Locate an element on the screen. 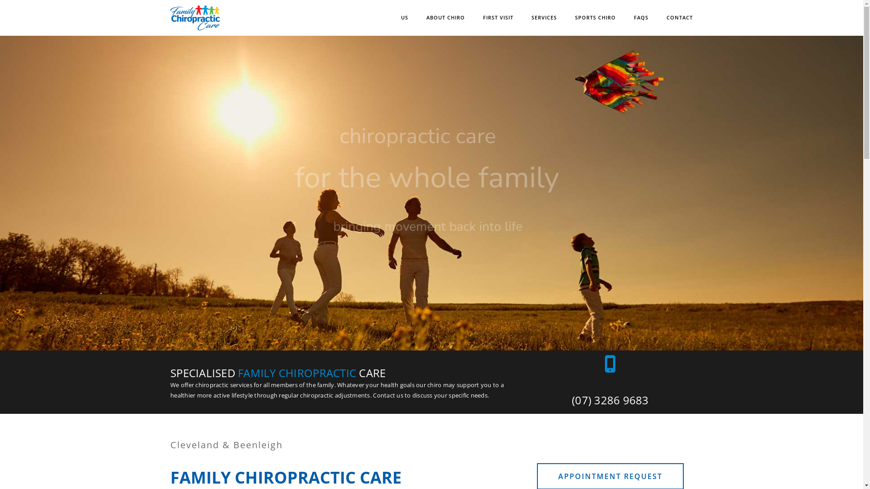 The width and height of the screenshot is (870, 489). 'ABOUT CHIRO' is located at coordinates (425, 18).